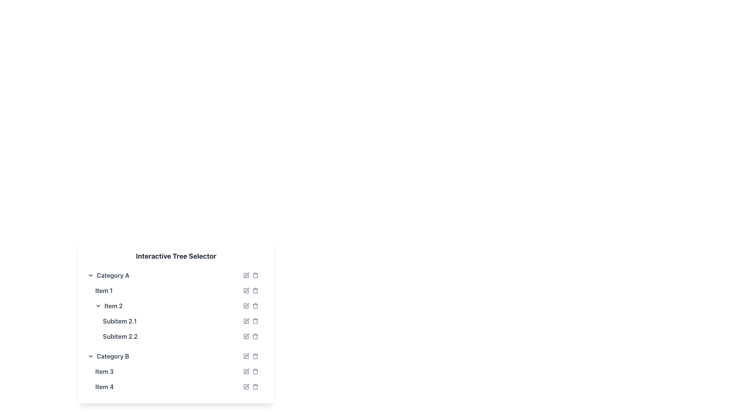 The height and width of the screenshot is (412, 732). I want to click on the text label displaying 'Subitem 2.2' which is the second subitem under 'Item 2', so click(120, 336).